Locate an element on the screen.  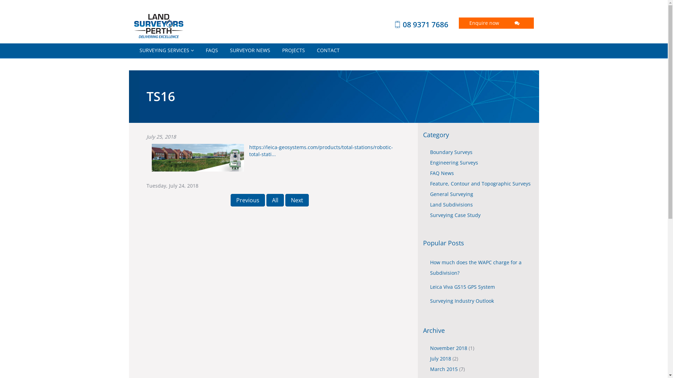
'Land Subdivisions' is located at coordinates (451, 204).